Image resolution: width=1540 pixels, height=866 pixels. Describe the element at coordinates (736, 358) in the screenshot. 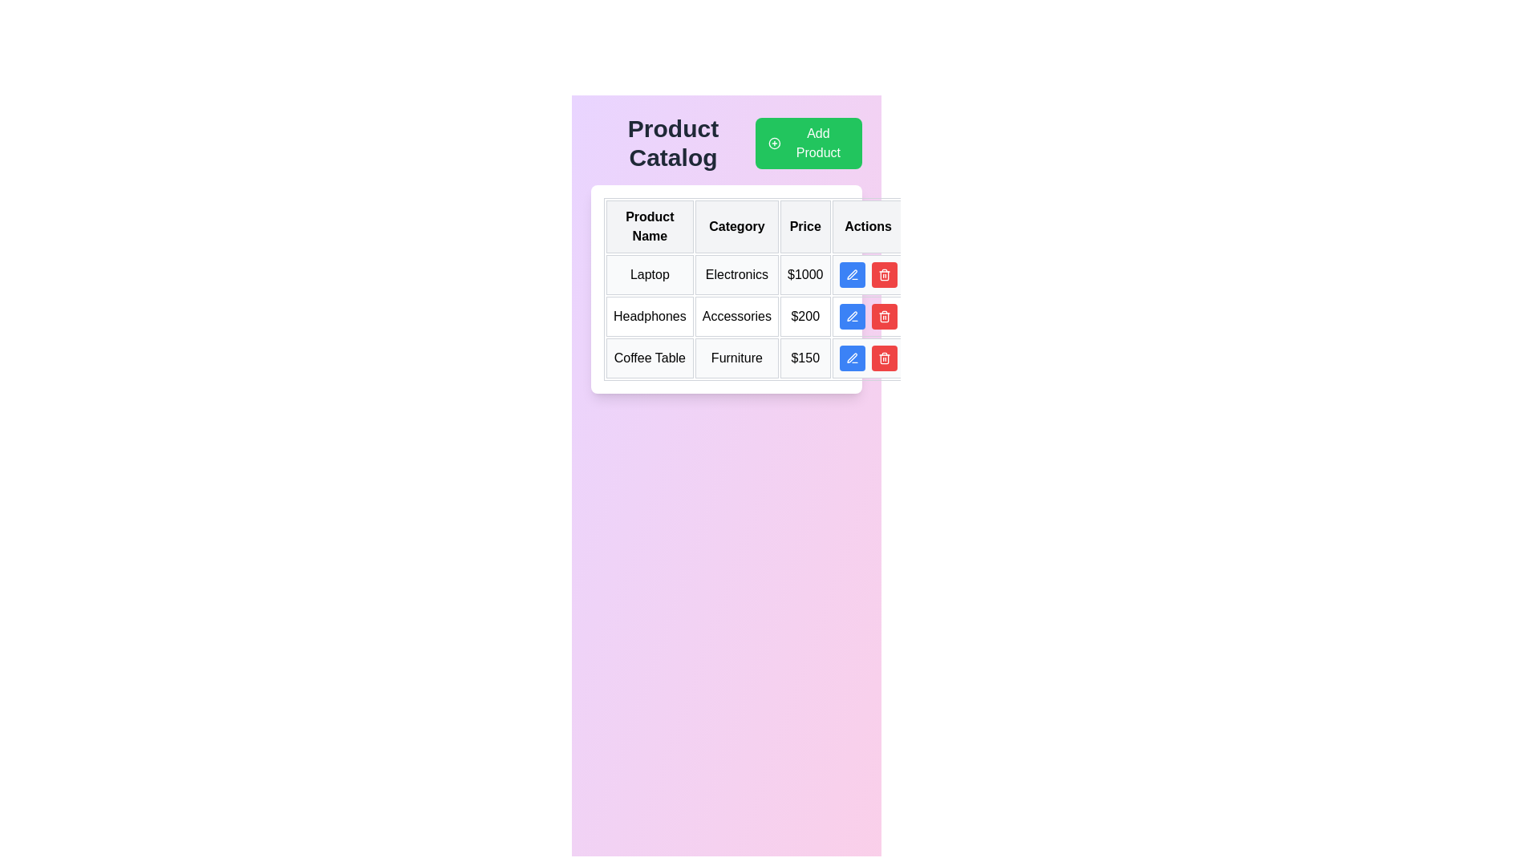

I see `the text label displaying the category information for the product` at that location.